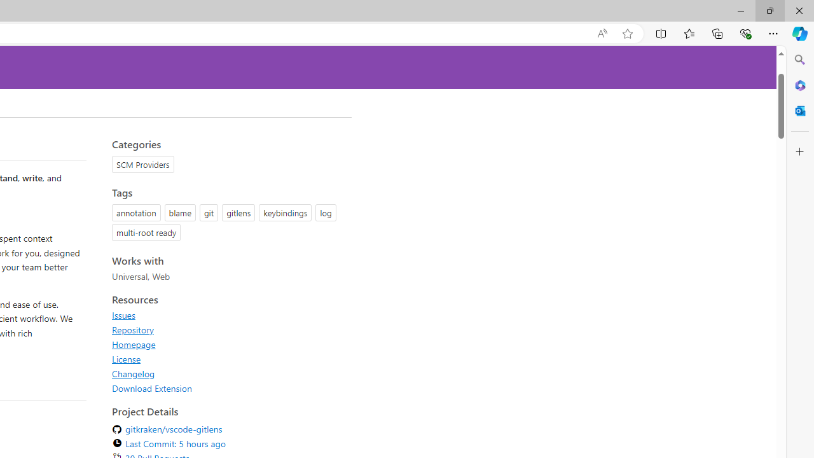 The width and height of the screenshot is (814, 458). Describe the element at coordinates (799, 60) in the screenshot. I see `'Search'` at that location.